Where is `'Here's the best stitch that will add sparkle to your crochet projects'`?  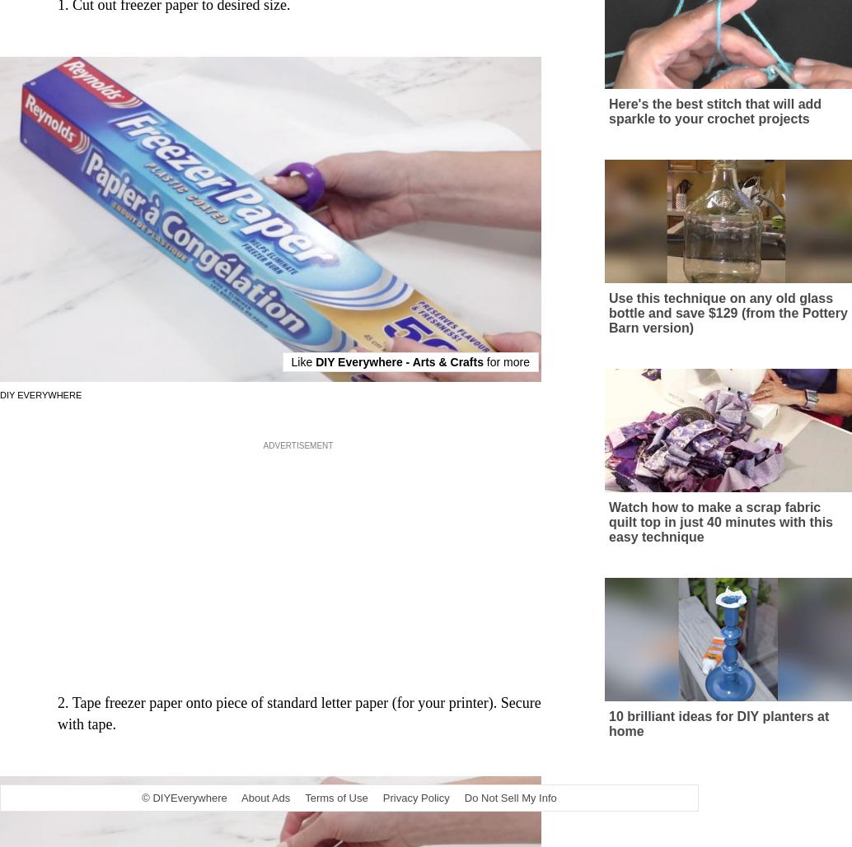
'Here's the best stitch that will add sparkle to your crochet projects' is located at coordinates (714, 127).